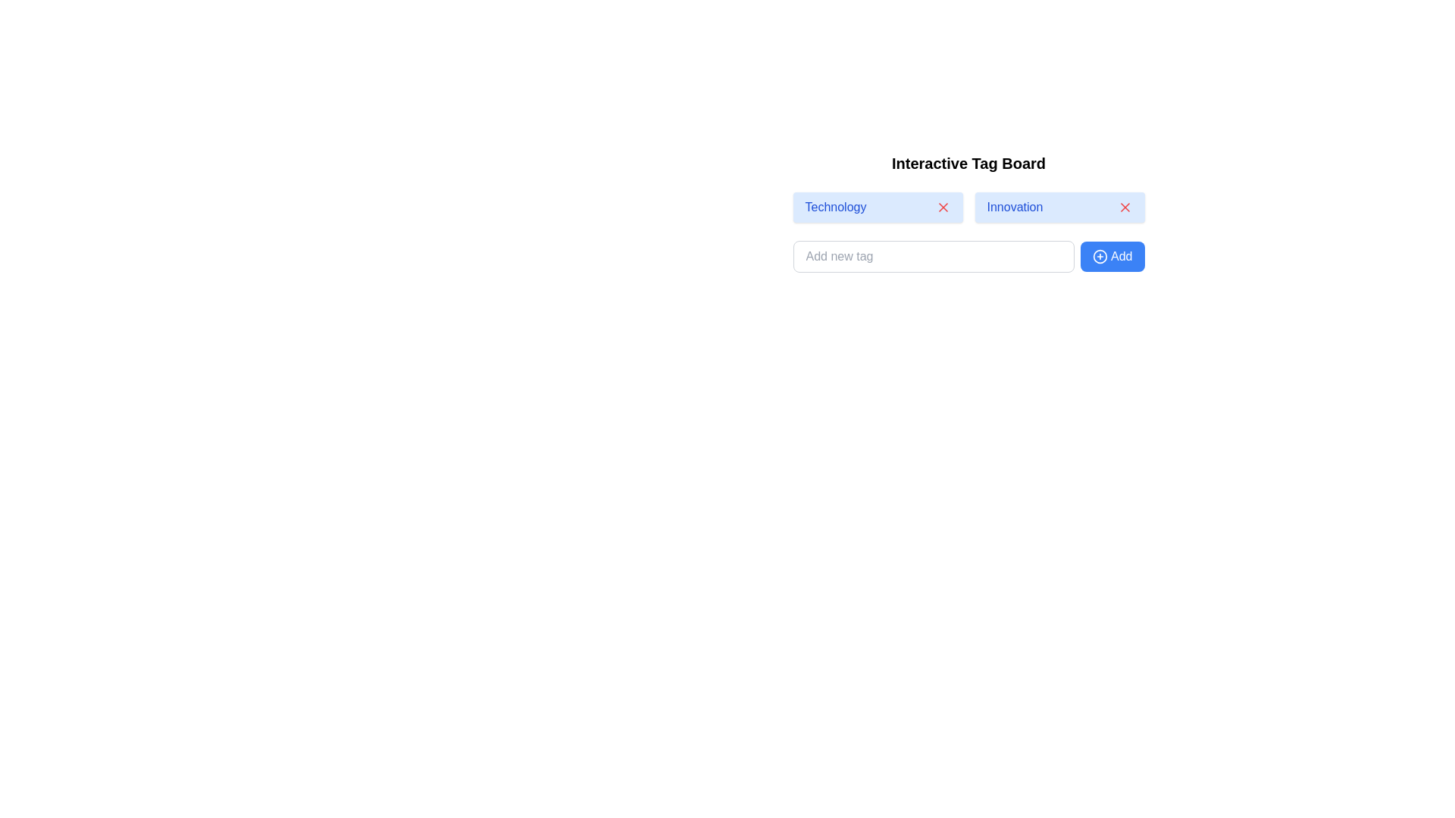  Describe the element at coordinates (942, 207) in the screenshot. I see `the close button with a red cross icon, located to the right of the 'Technology' label in the Interactive Tag Board` at that location.